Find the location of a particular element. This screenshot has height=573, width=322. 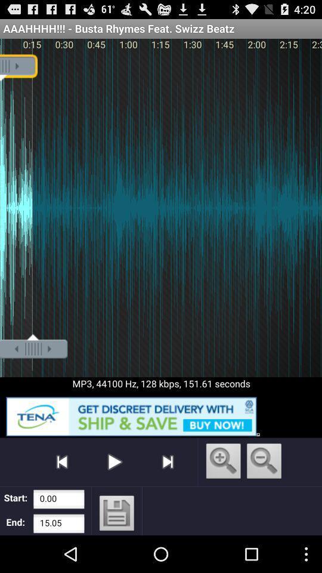

open advertisement is located at coordinates (161, 414).